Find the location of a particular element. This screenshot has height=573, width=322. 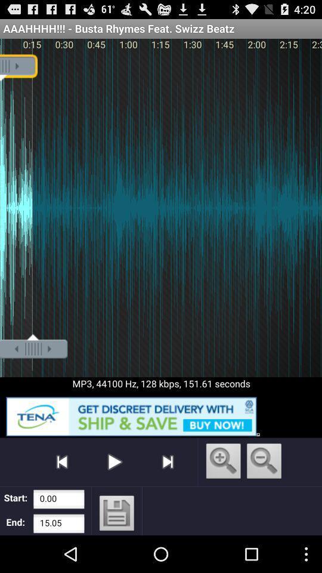

open advertisement is located at coordinates (161, 414).